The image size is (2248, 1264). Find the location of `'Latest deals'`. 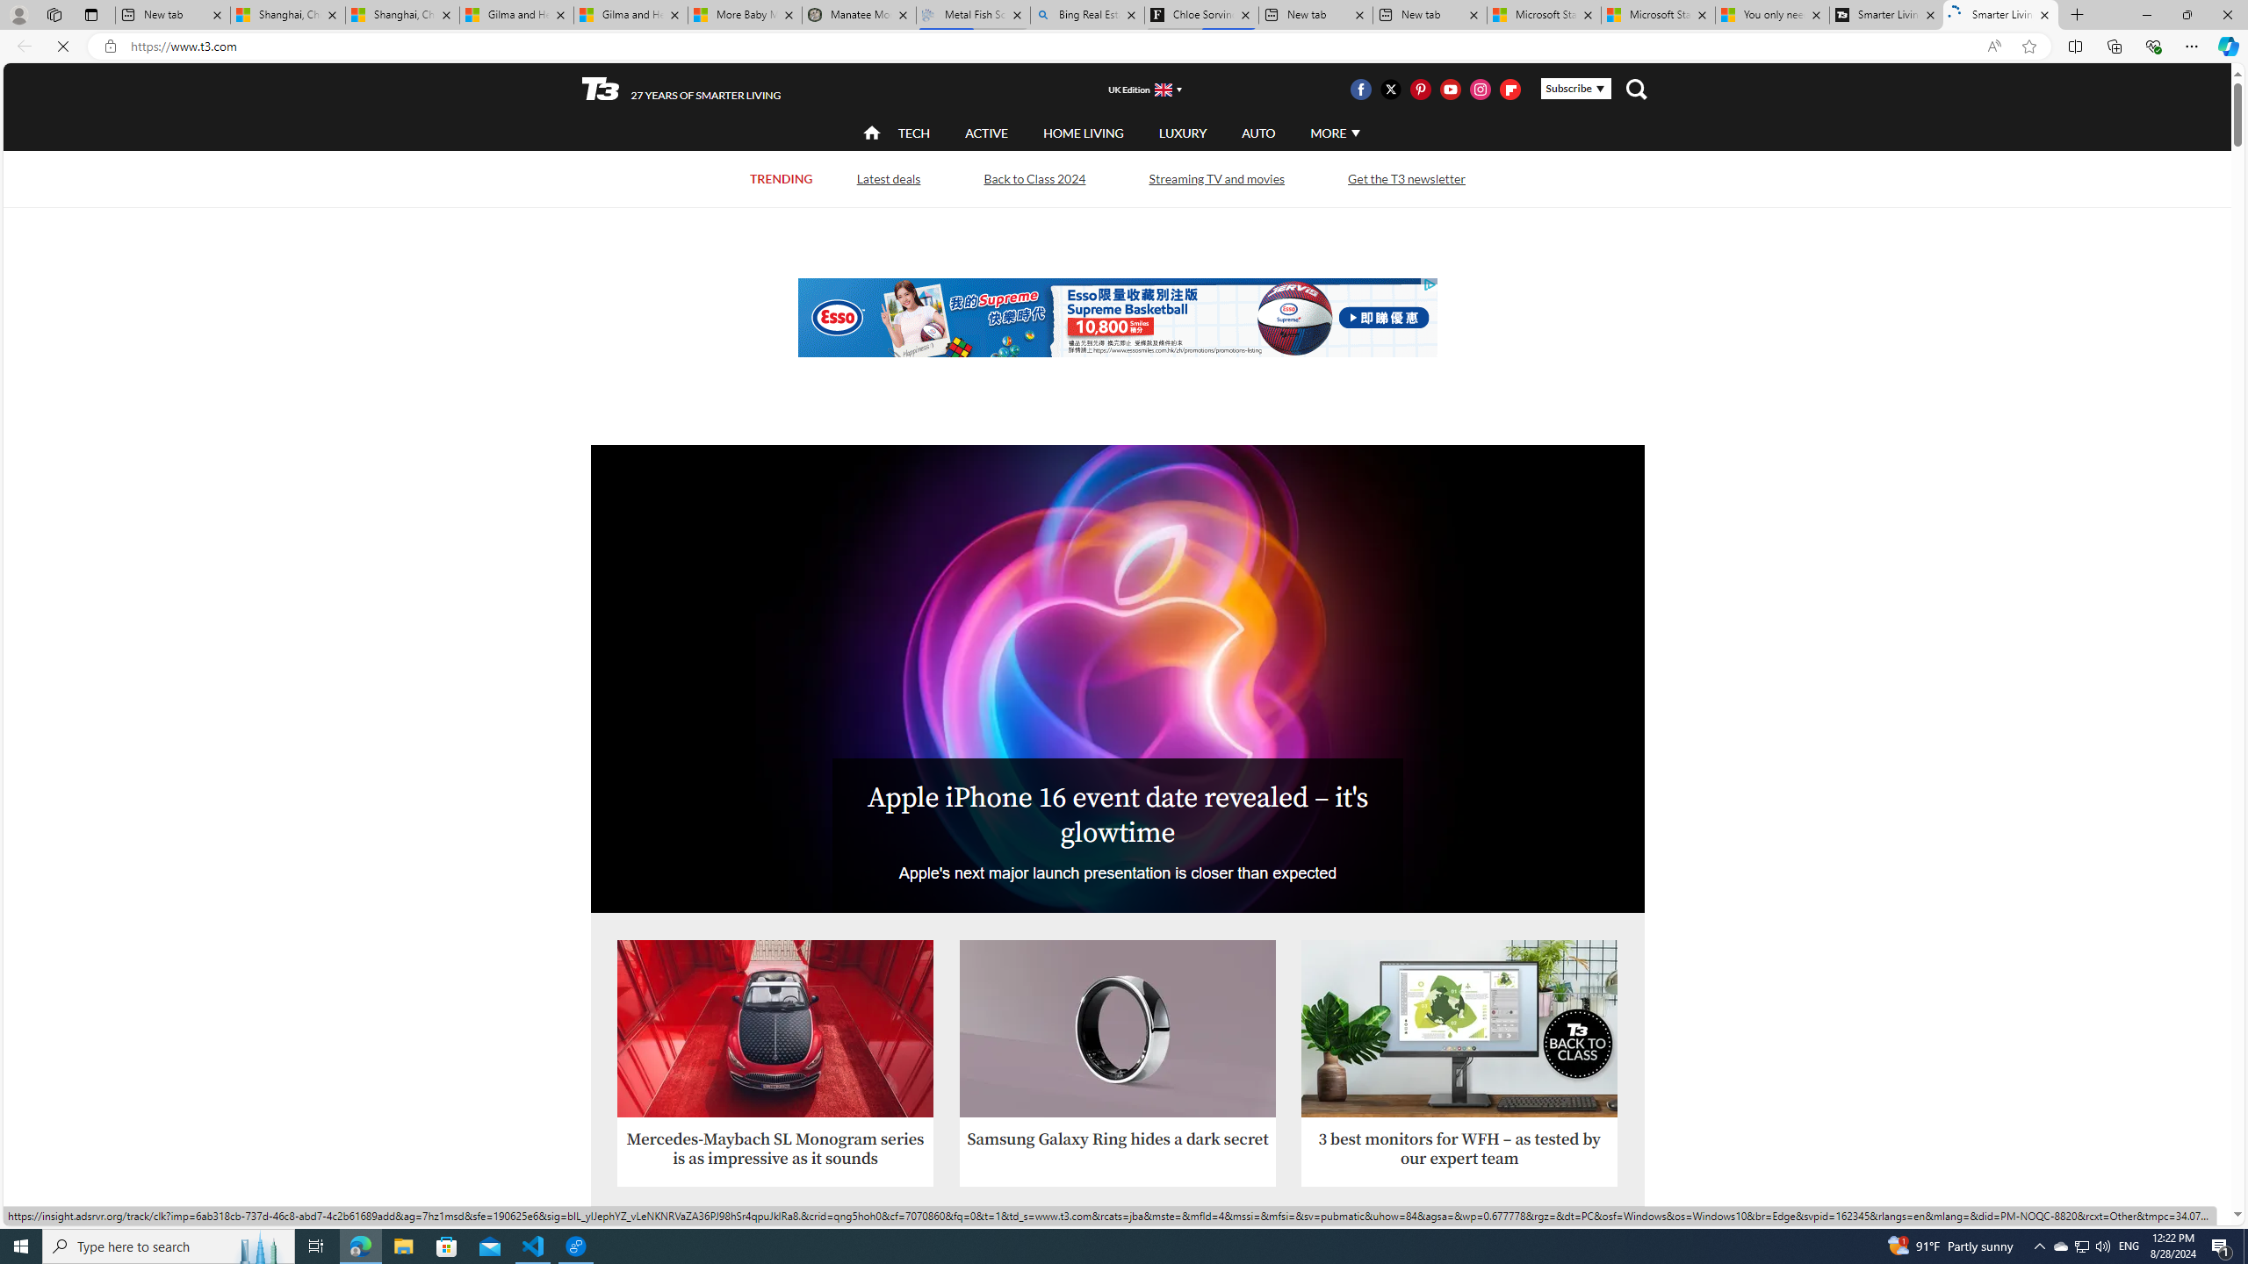

'Latest deals' is located at coordinates (888, 177).